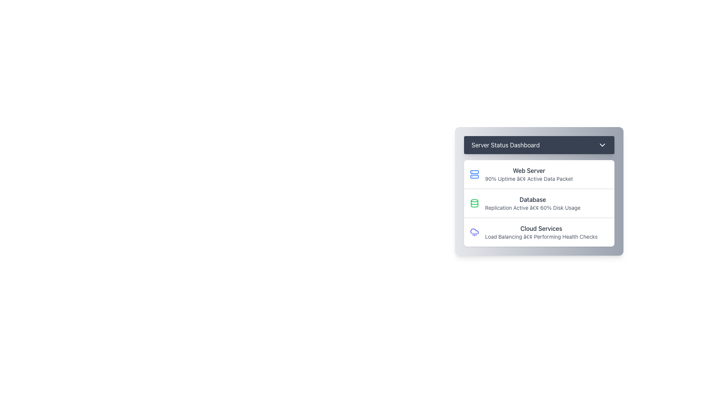 This screenshot has height=406, width=722. Describe the element at coordinates (474, 172) in the screenshot. I see `the topmost rectangle icon with a soft blue outline that is part of a vertical stack, located next to the 'Web Server' label` at that location.